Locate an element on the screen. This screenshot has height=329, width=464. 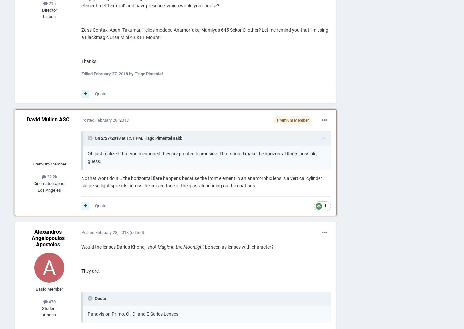
'Would the lenses Darius Khondji shot' is located at coordinates (81, 247).